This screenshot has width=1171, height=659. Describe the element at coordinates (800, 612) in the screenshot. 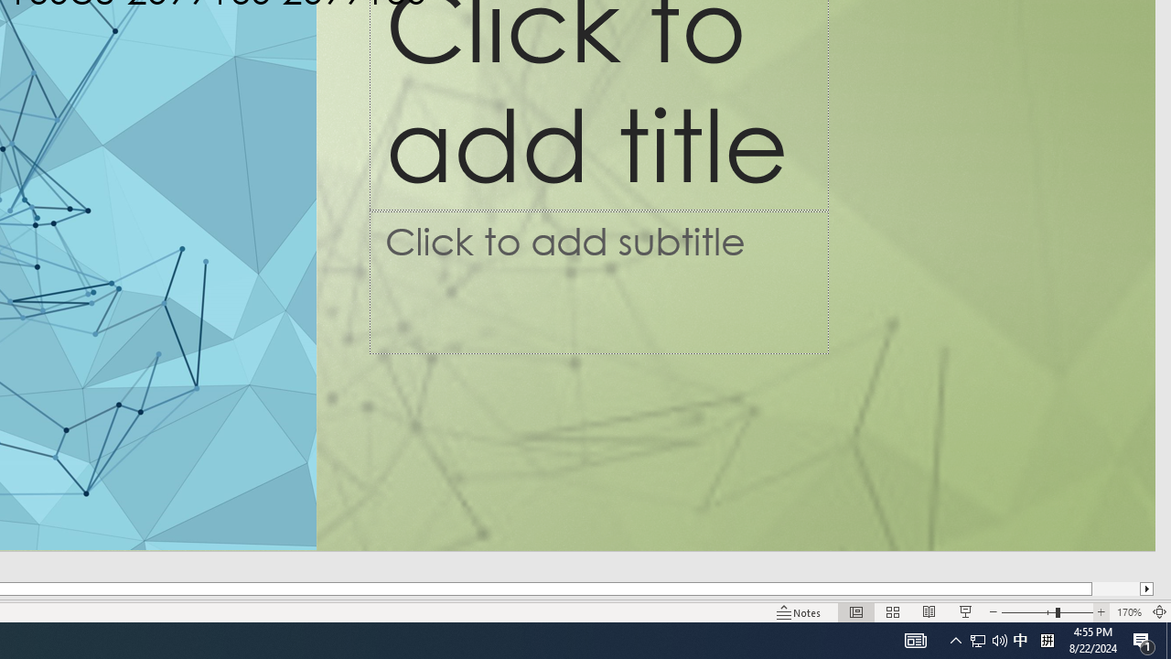

I see `'Notes '` at that location.